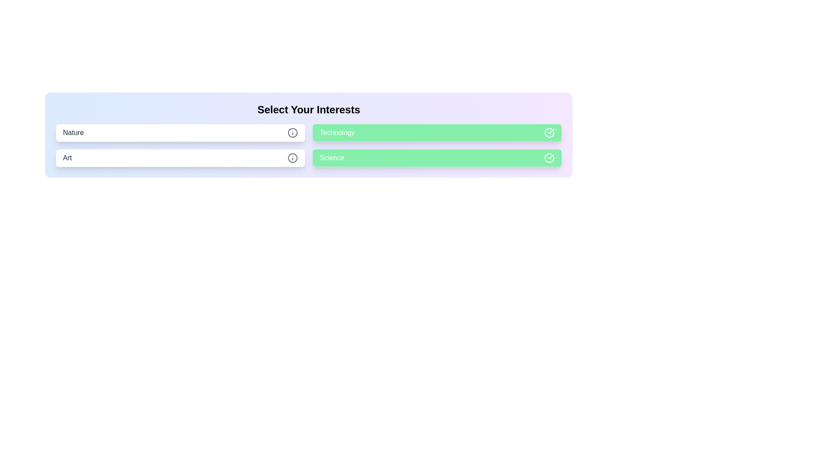 This screenshot has width=834, height=469. Describe the element at coordinates (180, 158) in the screenshot. I see `the chip labeled 'Art'` at that location.